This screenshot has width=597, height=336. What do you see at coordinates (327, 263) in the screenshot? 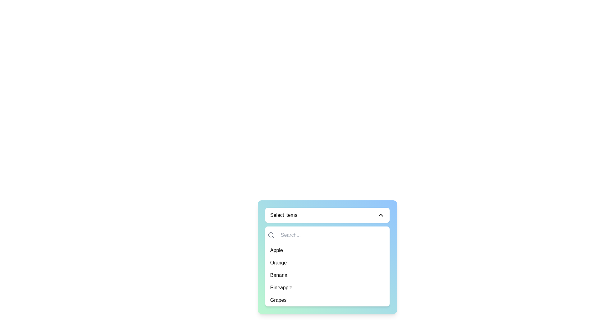
I see `the list item displaying the word 'Orange'` at bounding box center [327, 263].